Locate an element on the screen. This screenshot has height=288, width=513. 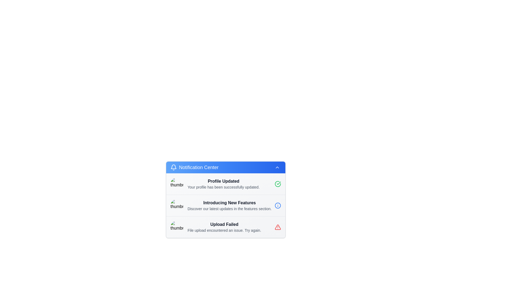
the chevron icon located at the top-right corner of the notification center panel is located at coordinates (277, 167).